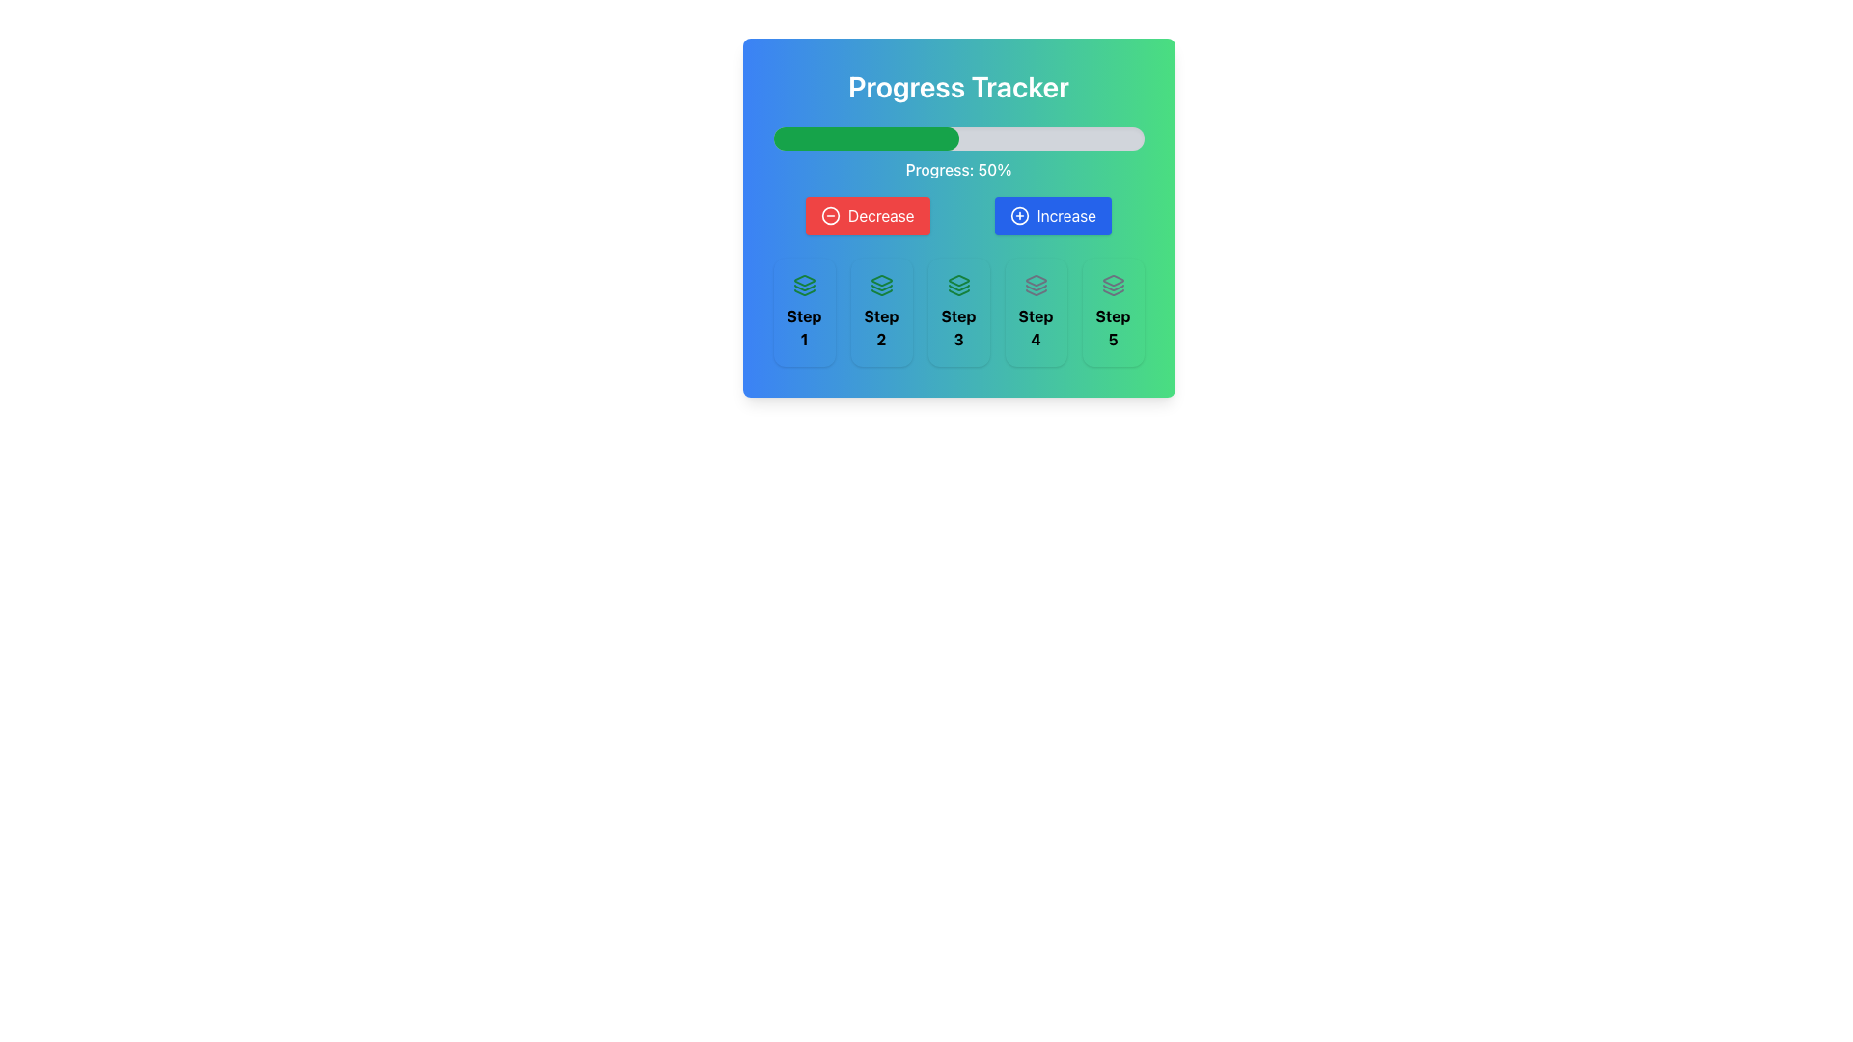 The width and height of the screenshot is (1853, 1042). What do you see at coordinates (804, 312) in the screenshot?
I see `the first step in the five-step progress tracker, which is represented by the Informational Display located below the progress bar` at bounding box center [804, 312].